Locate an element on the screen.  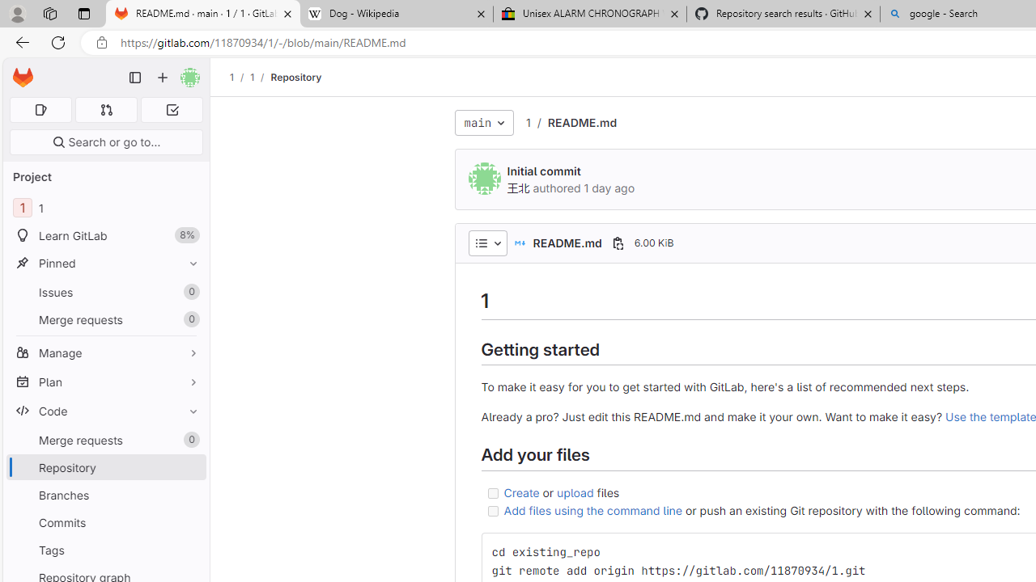
'main' is located at coordinates (483, 121).